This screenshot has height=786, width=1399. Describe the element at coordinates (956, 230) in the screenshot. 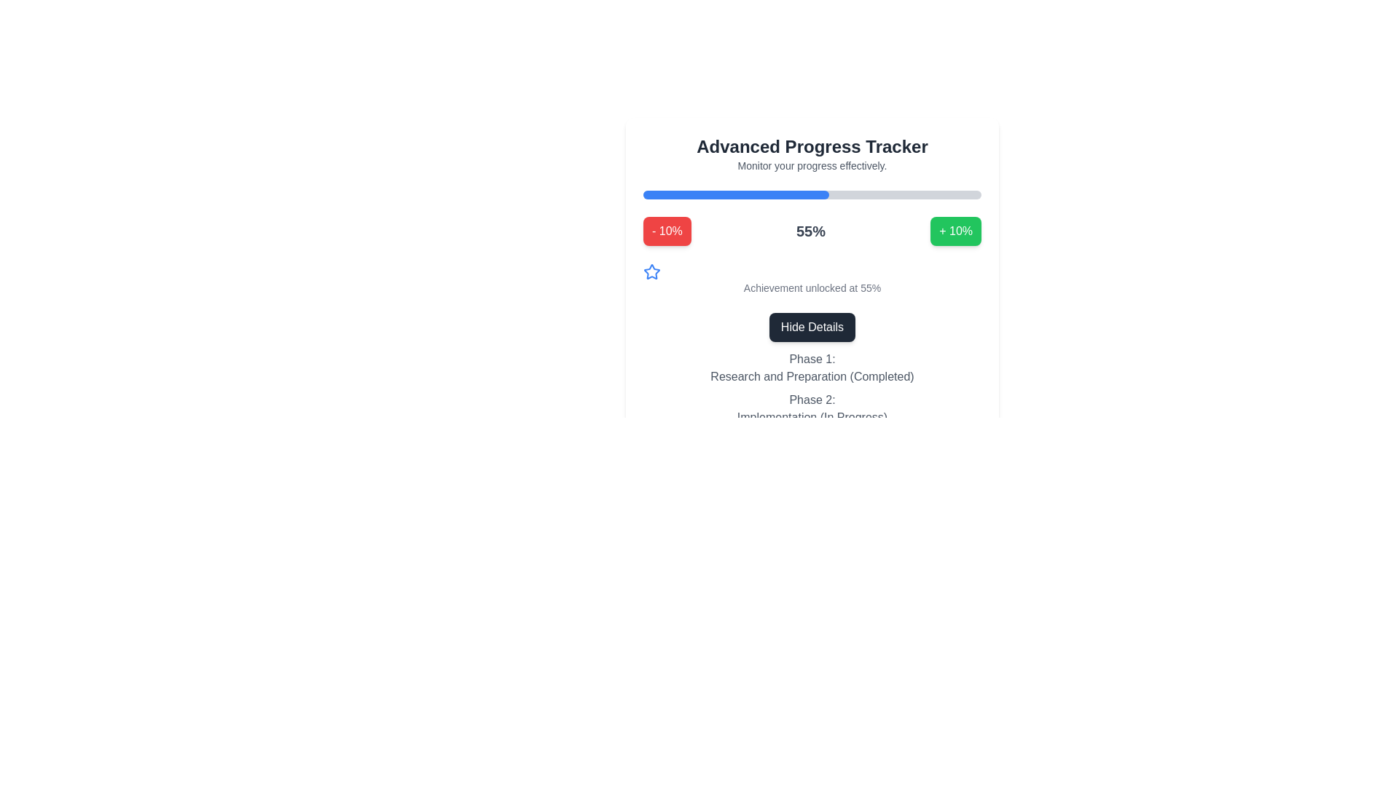

I see `the green button labeled '+ 10%' located at the top-right of the interface to initiate an increment action` at that location.